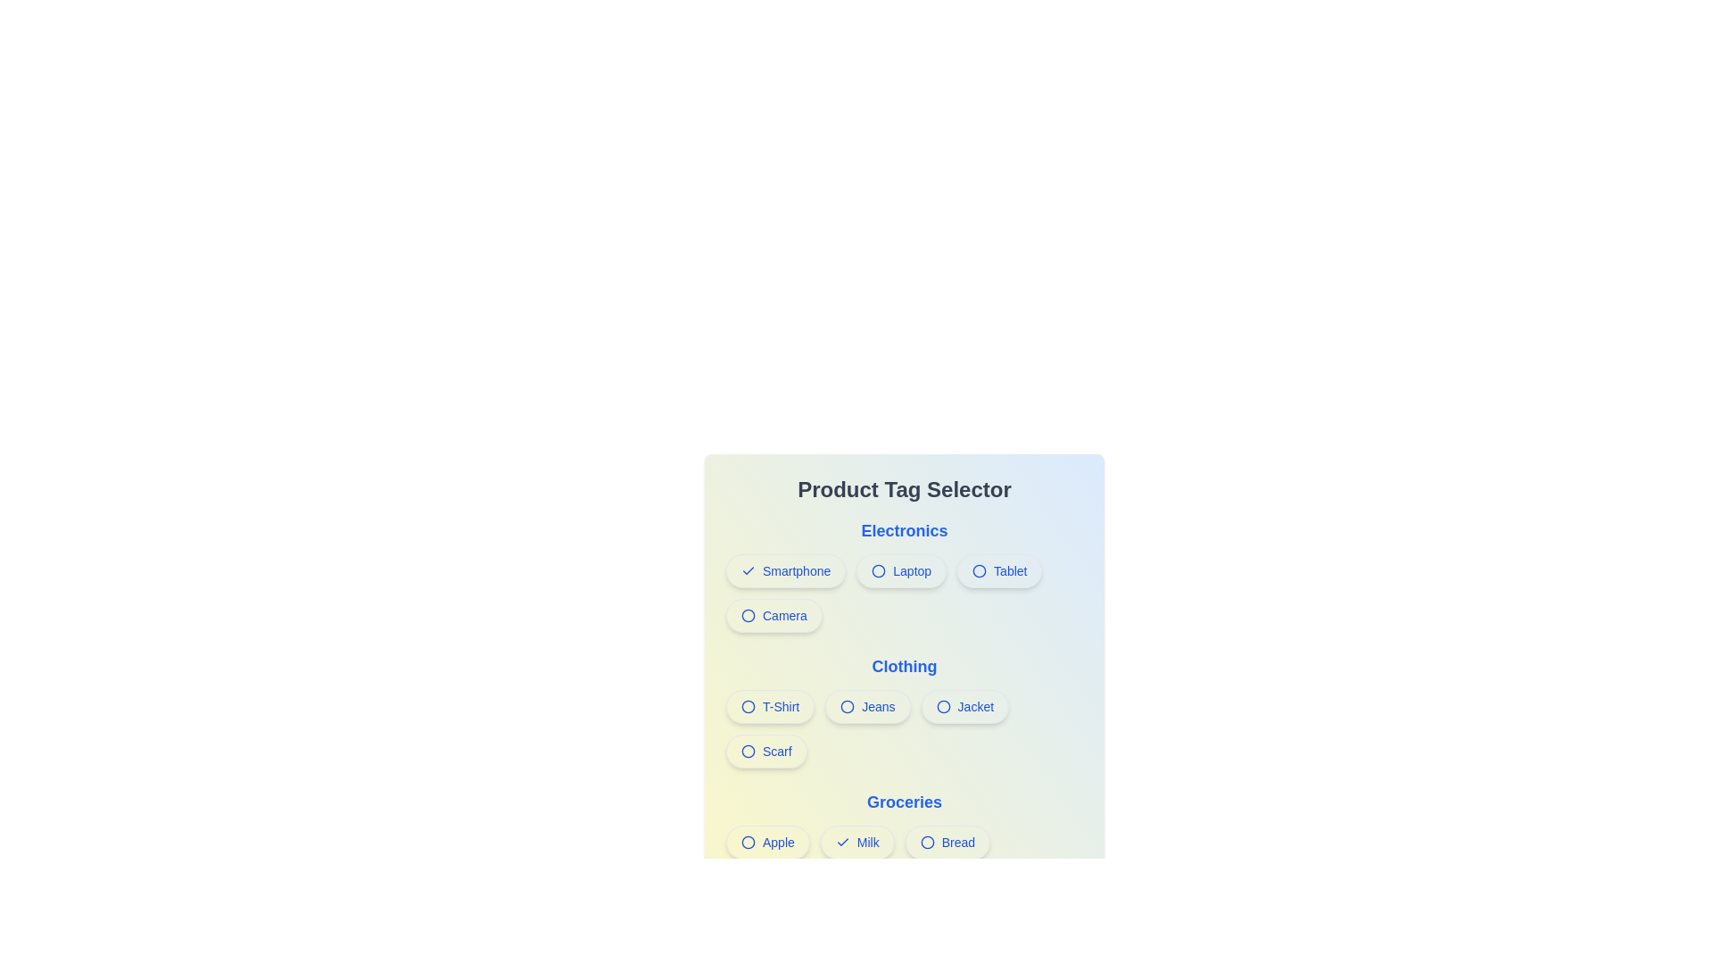 The height and width of the screenshot is (964, 1713). I want to click on the 'Laptop' radio button, so click(901, 571).